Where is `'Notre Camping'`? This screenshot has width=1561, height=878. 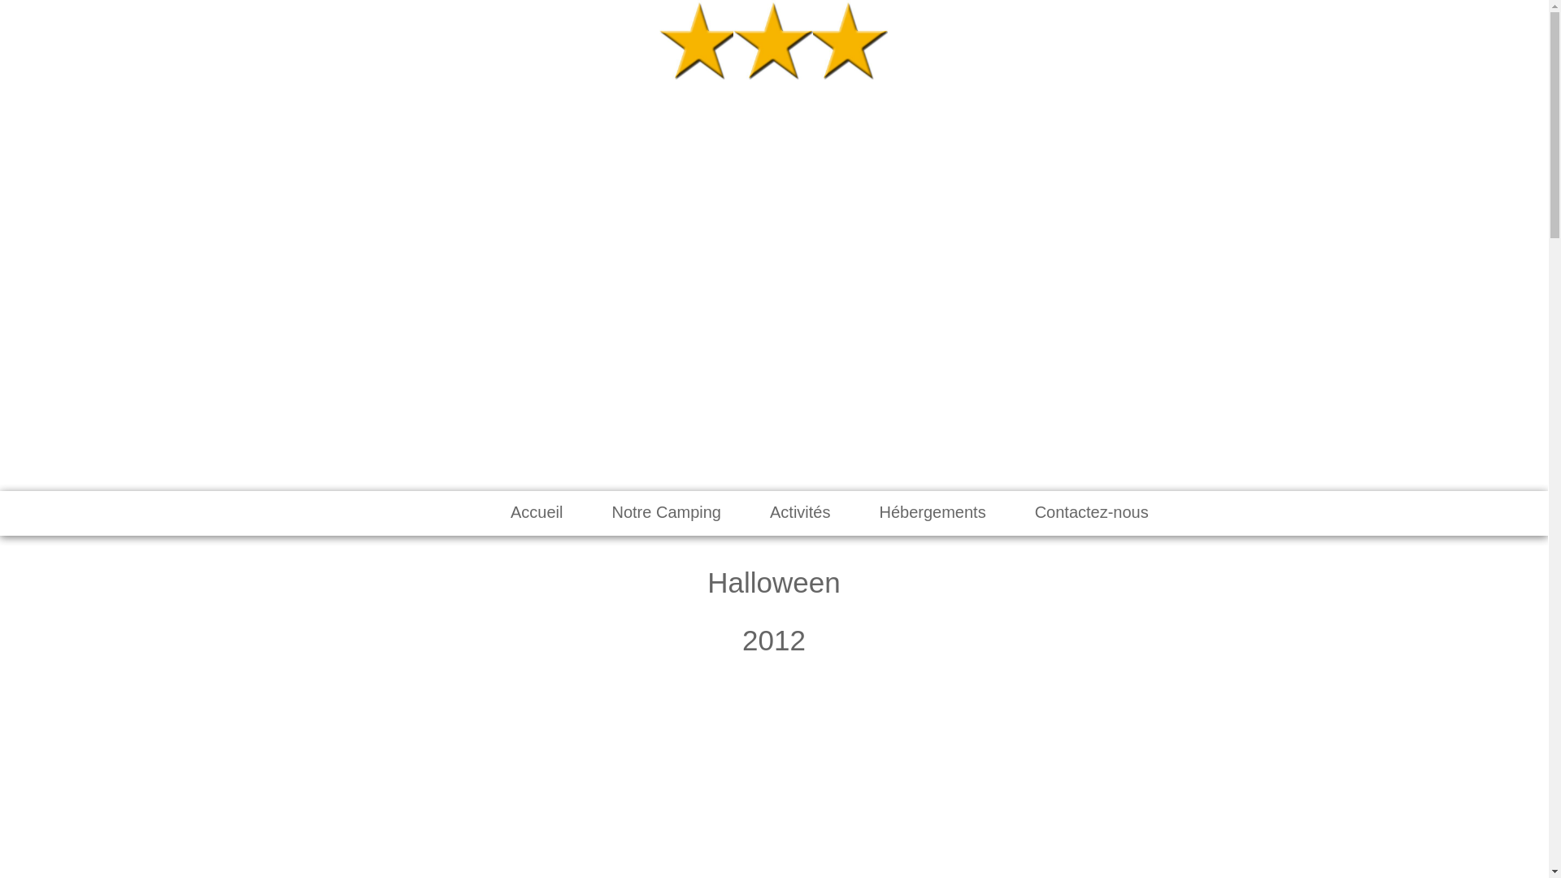 'Notre Camping' is located at coordinates (666, 512).